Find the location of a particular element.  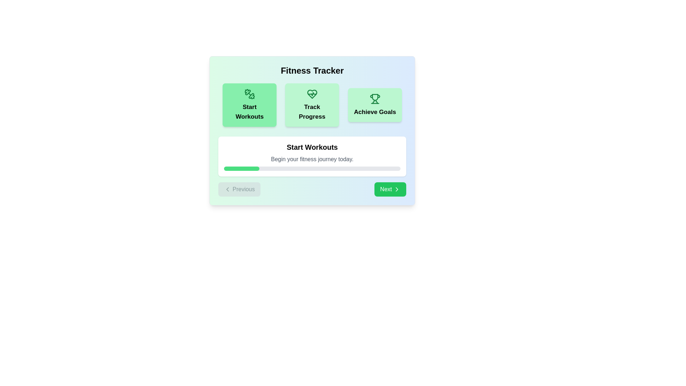

the green heart-shaped icon with a pulse line in the 'Track Progress' card, which is centrally positioned among the three major cards is located at coordinates (312, 94).